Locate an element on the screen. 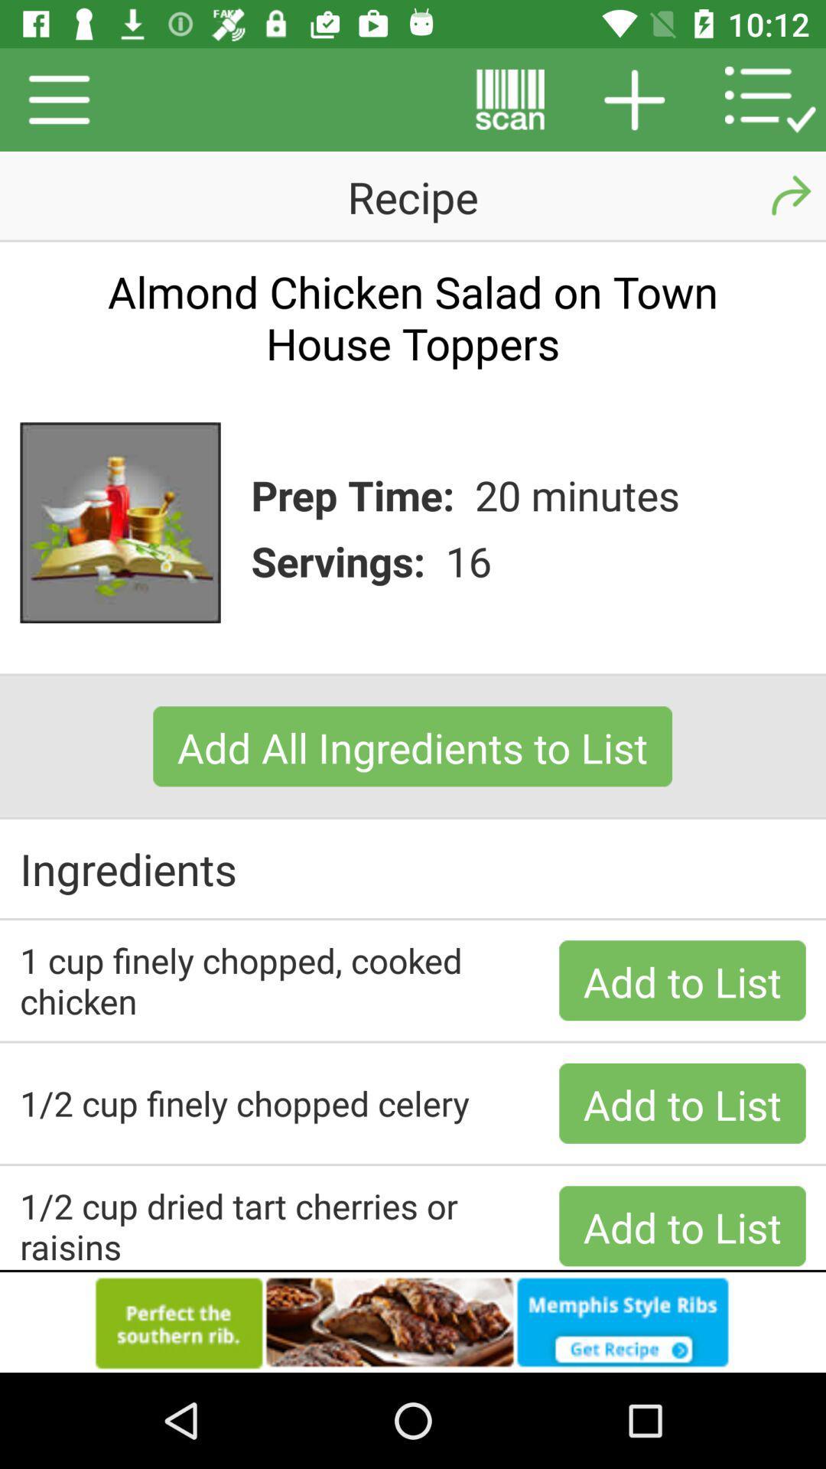 This screenshot has height=1469, width=826. the add icon is located at coordinates (634, 99).